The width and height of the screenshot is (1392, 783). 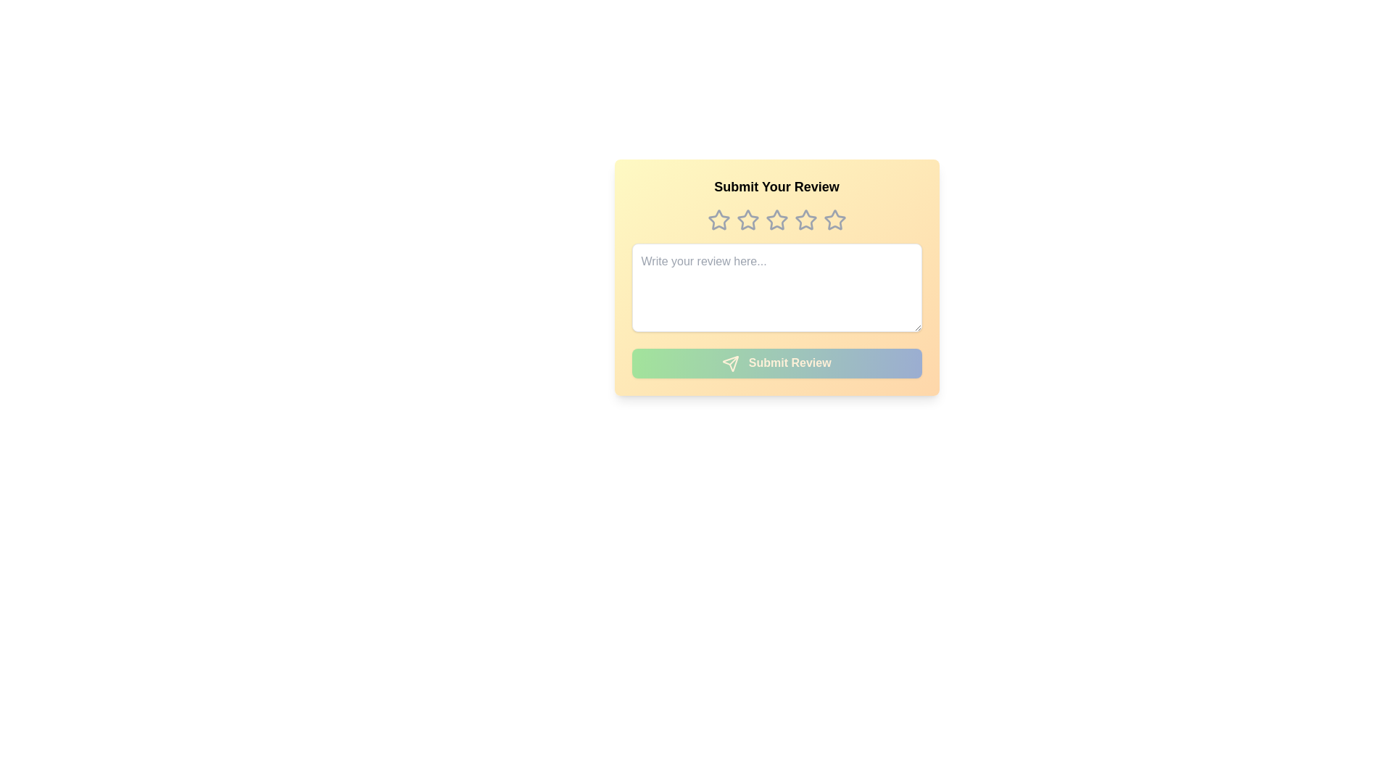 I want to click on the interactive rating component composed of five stars, which is located below the 'Submit Your Review' text, so click(x=776, y=220).